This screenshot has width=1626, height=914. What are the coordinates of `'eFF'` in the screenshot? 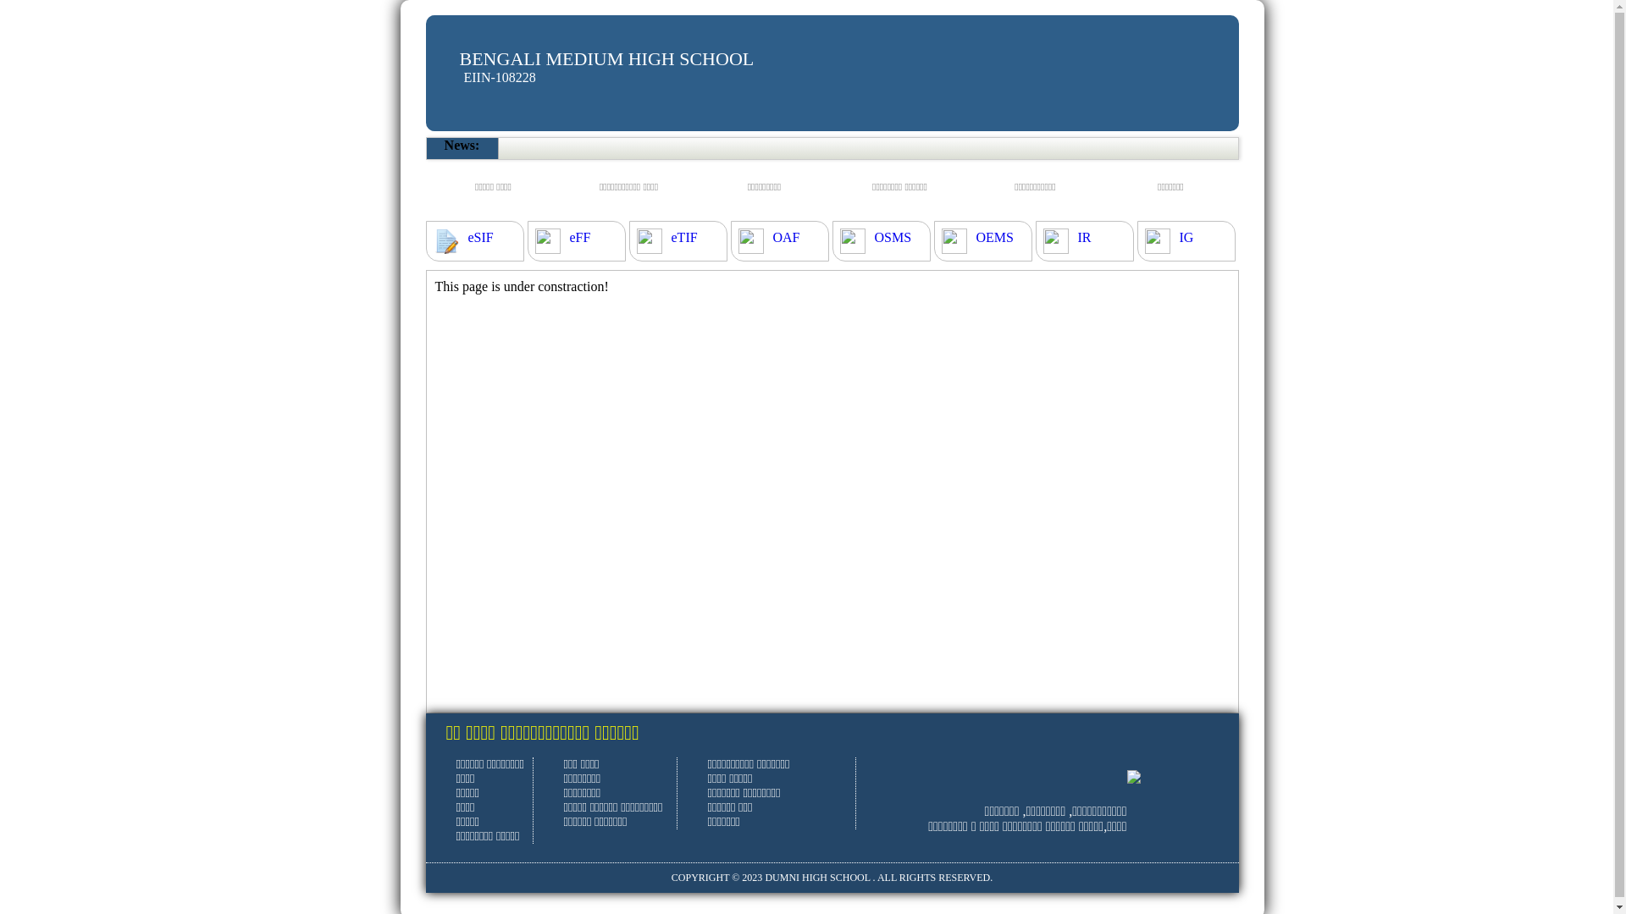 It's located at (579, 238).